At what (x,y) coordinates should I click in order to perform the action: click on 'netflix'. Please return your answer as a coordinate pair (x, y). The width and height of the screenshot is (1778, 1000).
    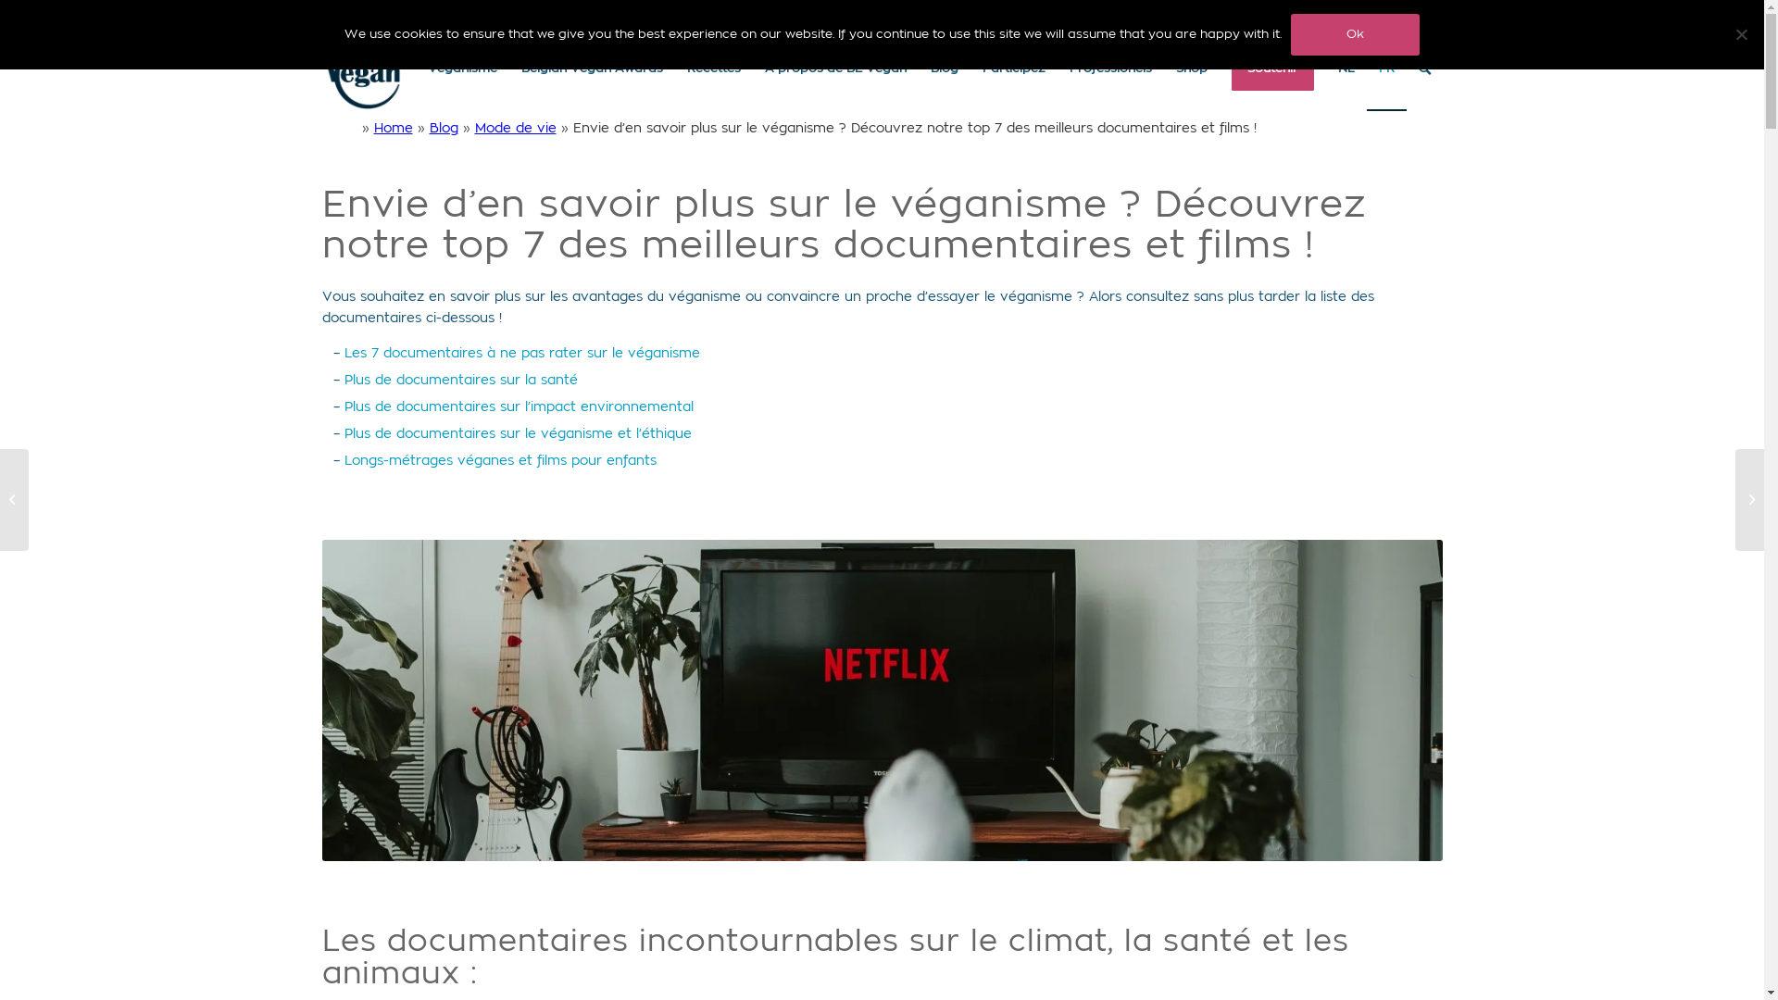
    Looking at the image, I should click on (882, 700).